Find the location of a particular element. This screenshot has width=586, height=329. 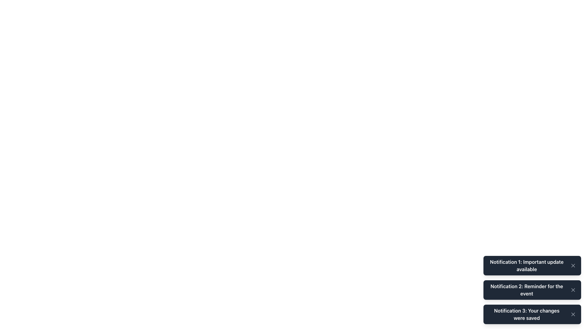

the close button on the 'Notification 2: Reminder for the event' is located at coordinates (573, 290).